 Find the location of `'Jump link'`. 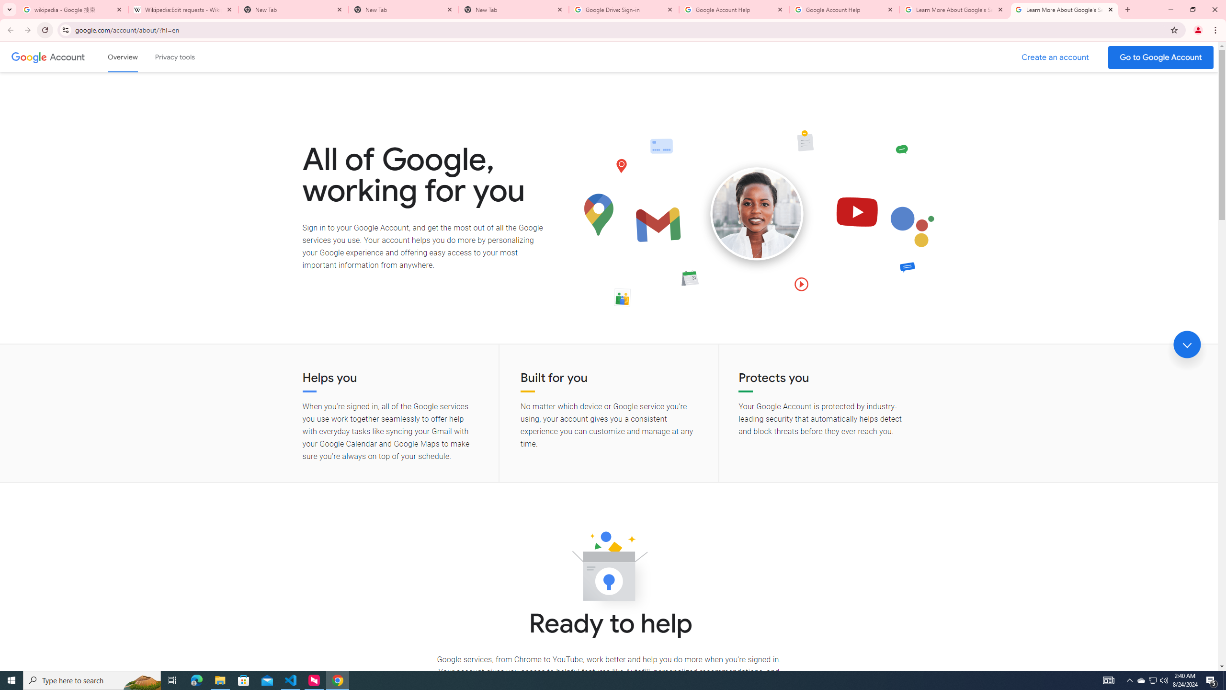

'Jump link' is located at coordinates (1187, 345).